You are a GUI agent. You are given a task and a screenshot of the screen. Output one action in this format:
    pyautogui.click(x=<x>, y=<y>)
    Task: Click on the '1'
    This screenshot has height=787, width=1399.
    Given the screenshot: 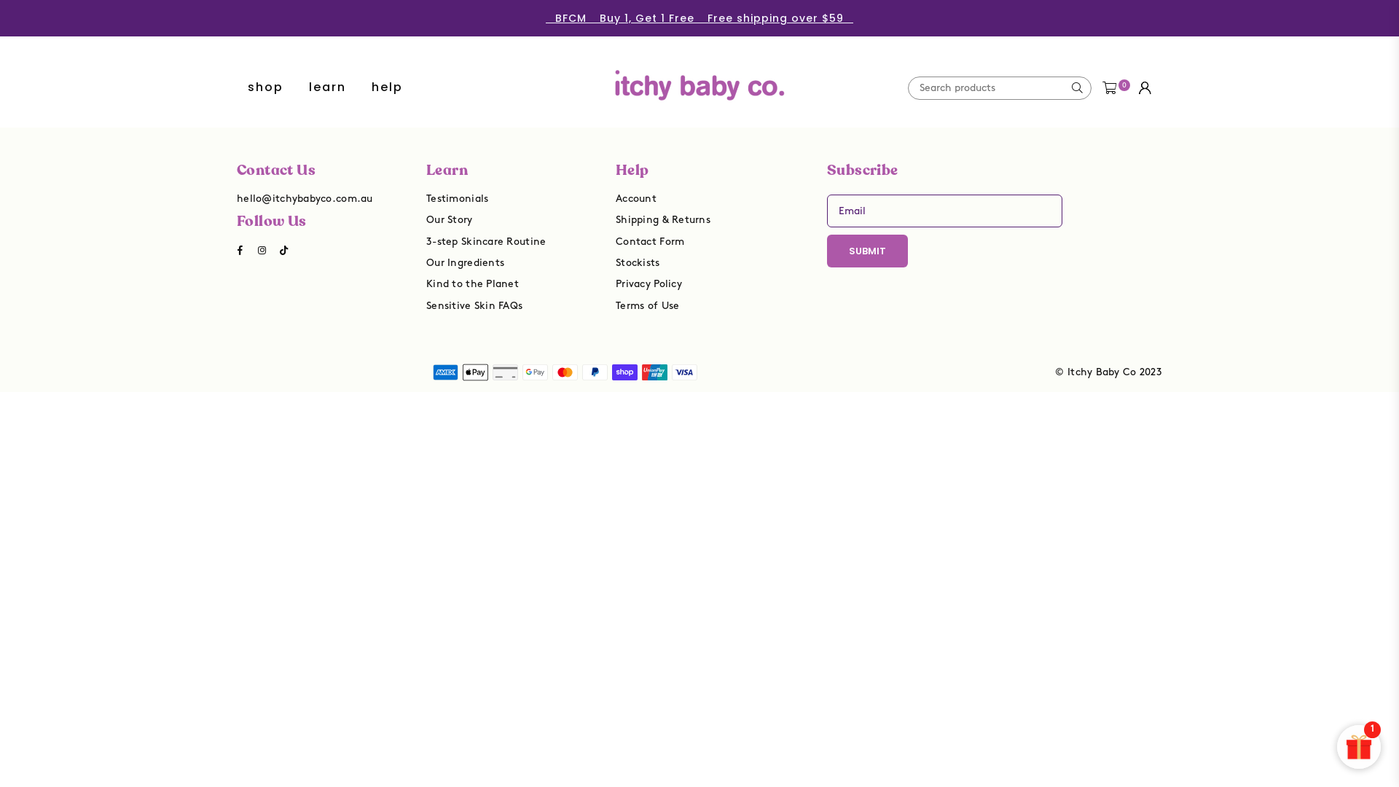 What is the action you would take?
    pyautogui.click(x=1358, y=747)
    